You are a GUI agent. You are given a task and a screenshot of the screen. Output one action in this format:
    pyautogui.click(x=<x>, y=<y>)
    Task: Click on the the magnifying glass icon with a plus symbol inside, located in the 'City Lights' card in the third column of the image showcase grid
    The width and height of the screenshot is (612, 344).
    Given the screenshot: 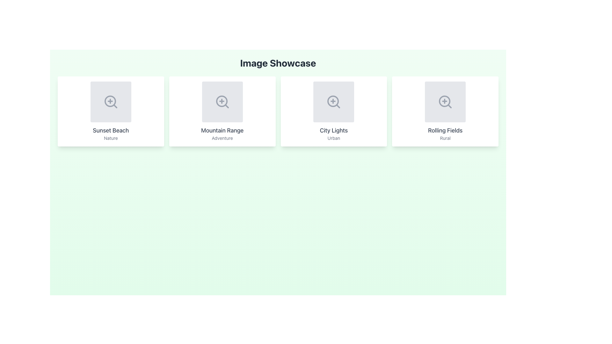 What is the action you would take?
    pyautogui.click(x=333, y=102)
    